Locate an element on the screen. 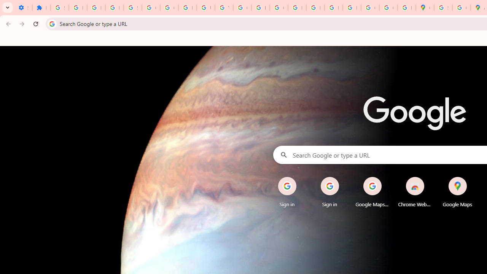 This screenshot has width=487, height=274. 'Google Maps' is located at coordinates (457, 192).